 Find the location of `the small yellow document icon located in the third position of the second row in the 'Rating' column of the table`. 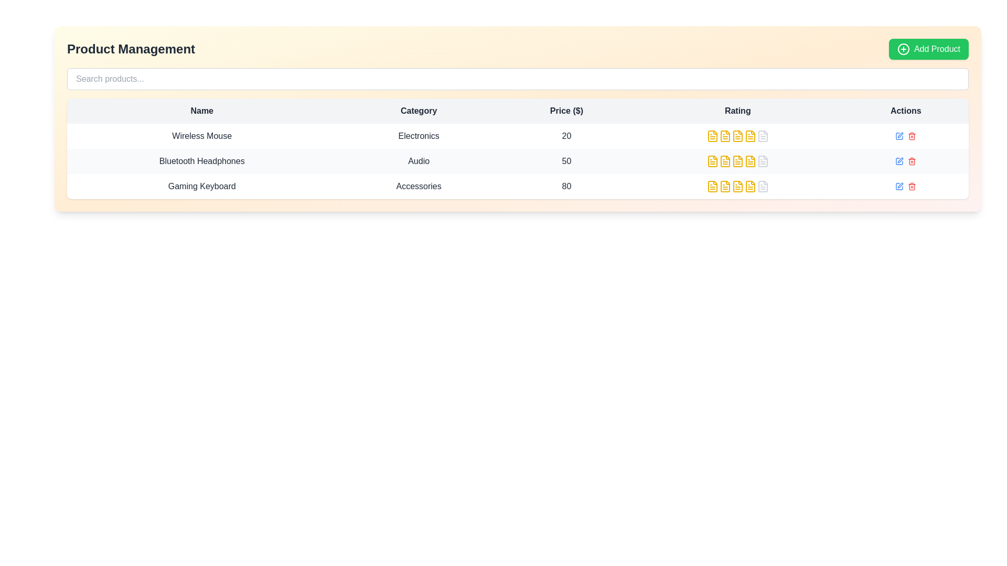

the small yellow document icon located in the third position of the second row in the 'Rating' column of the table is located at coordinates (724, 161).